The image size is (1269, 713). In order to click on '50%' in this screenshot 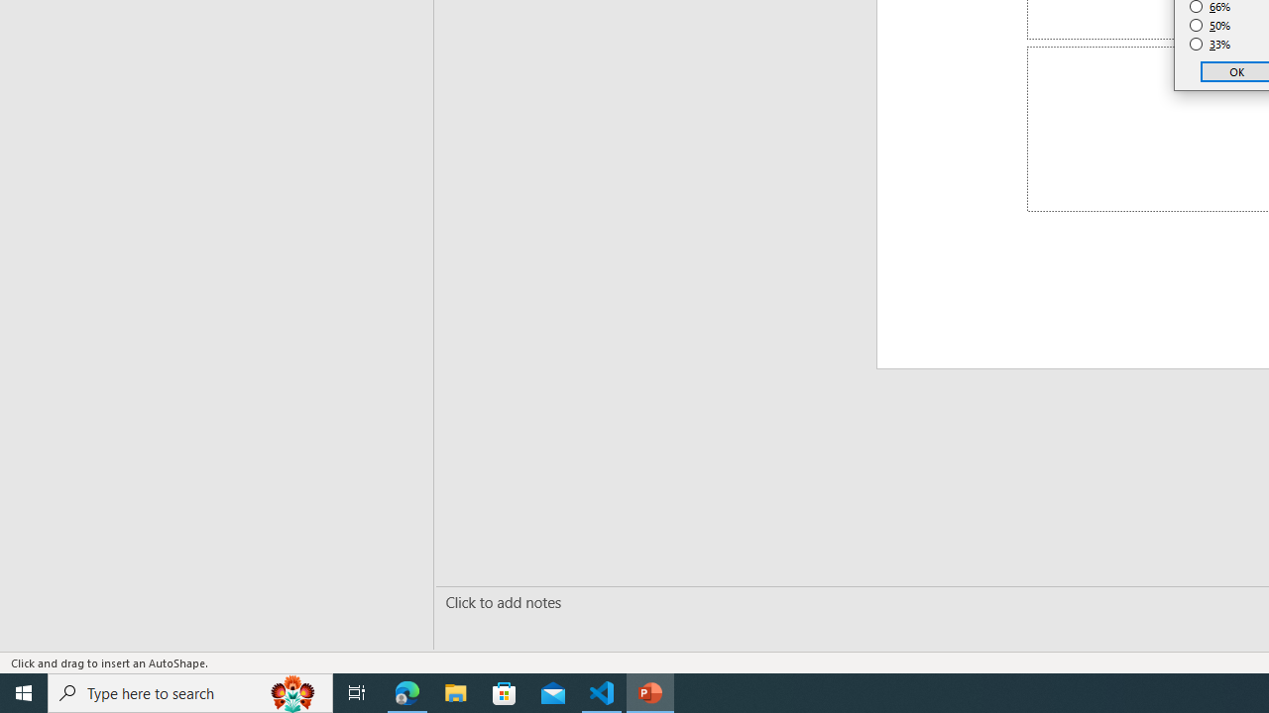, I will do `click(1210, 25)`.